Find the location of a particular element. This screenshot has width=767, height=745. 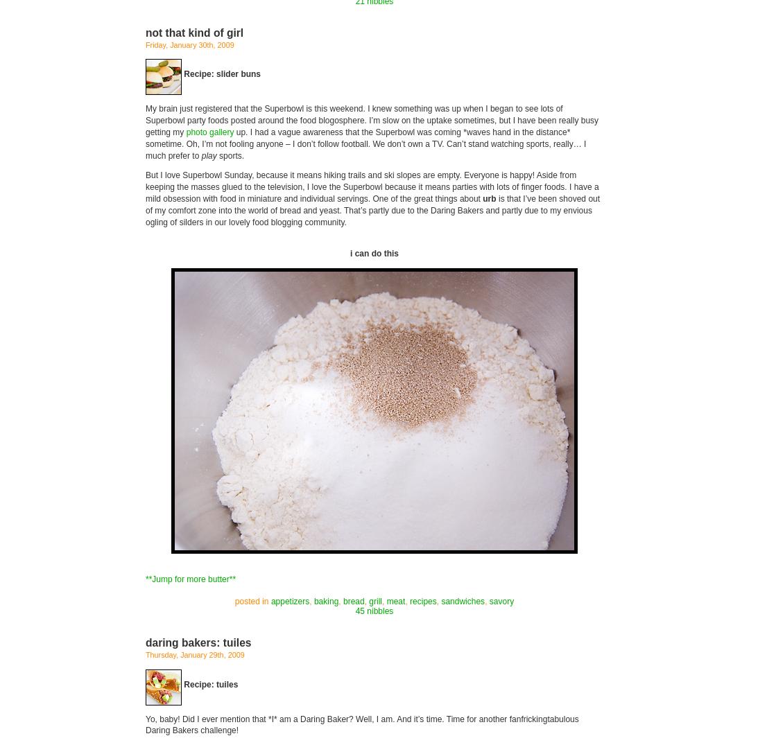

'i can do this' is located at coordinates (373, 254).